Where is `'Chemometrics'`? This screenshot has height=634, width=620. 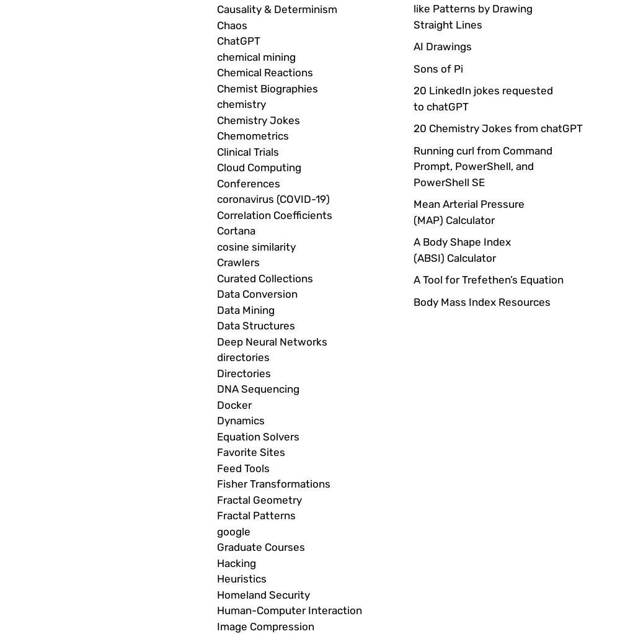
'Chemometrics' is located at coordinates (253, 136).